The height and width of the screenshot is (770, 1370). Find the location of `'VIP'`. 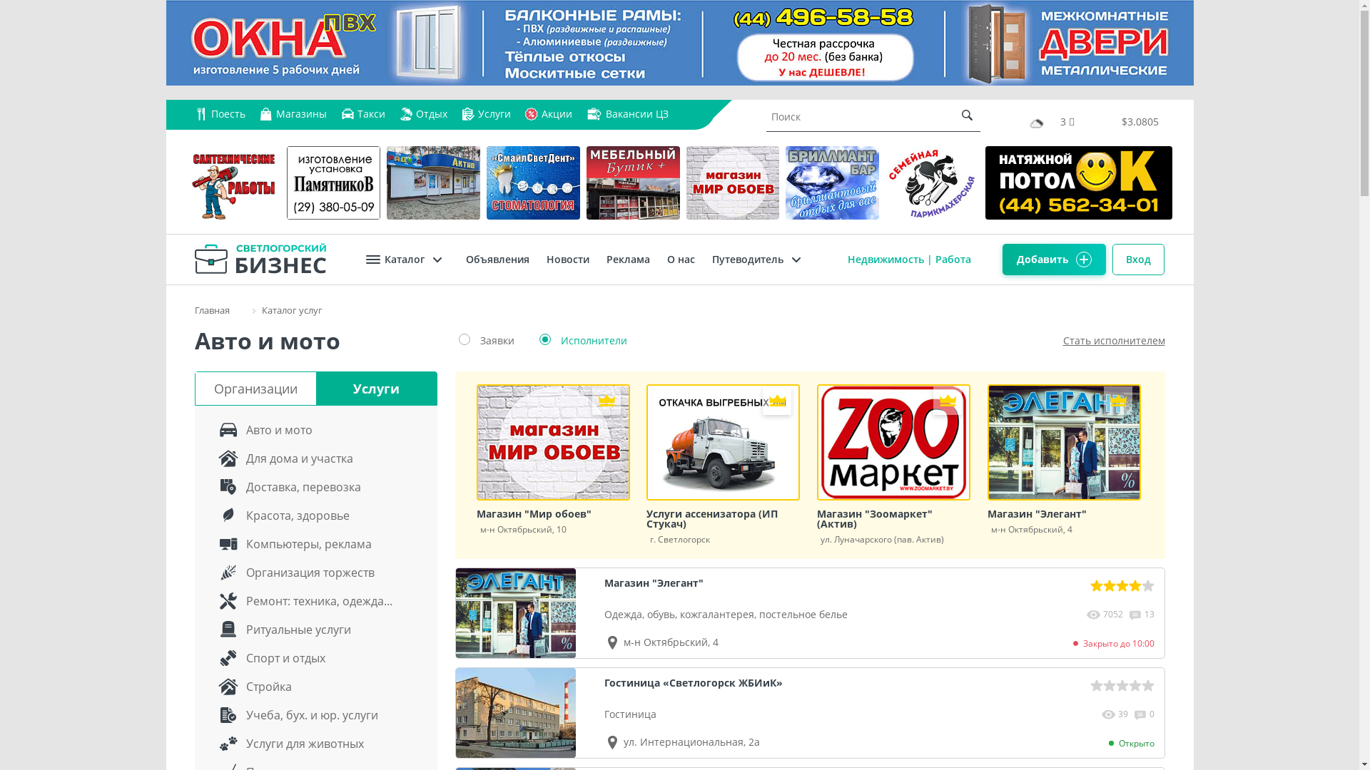

'VIP' is located at coordinates (1098, 402).